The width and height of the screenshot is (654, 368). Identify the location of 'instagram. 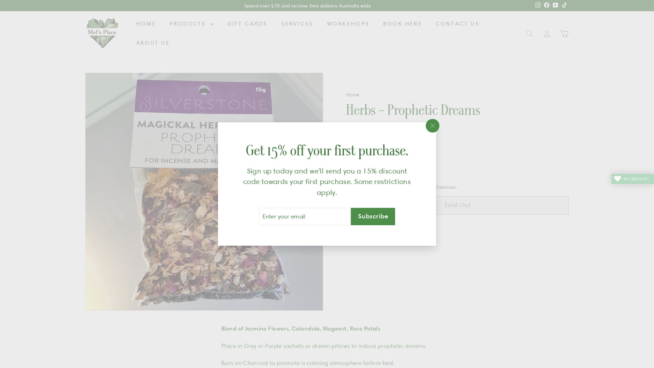
(538, 5).